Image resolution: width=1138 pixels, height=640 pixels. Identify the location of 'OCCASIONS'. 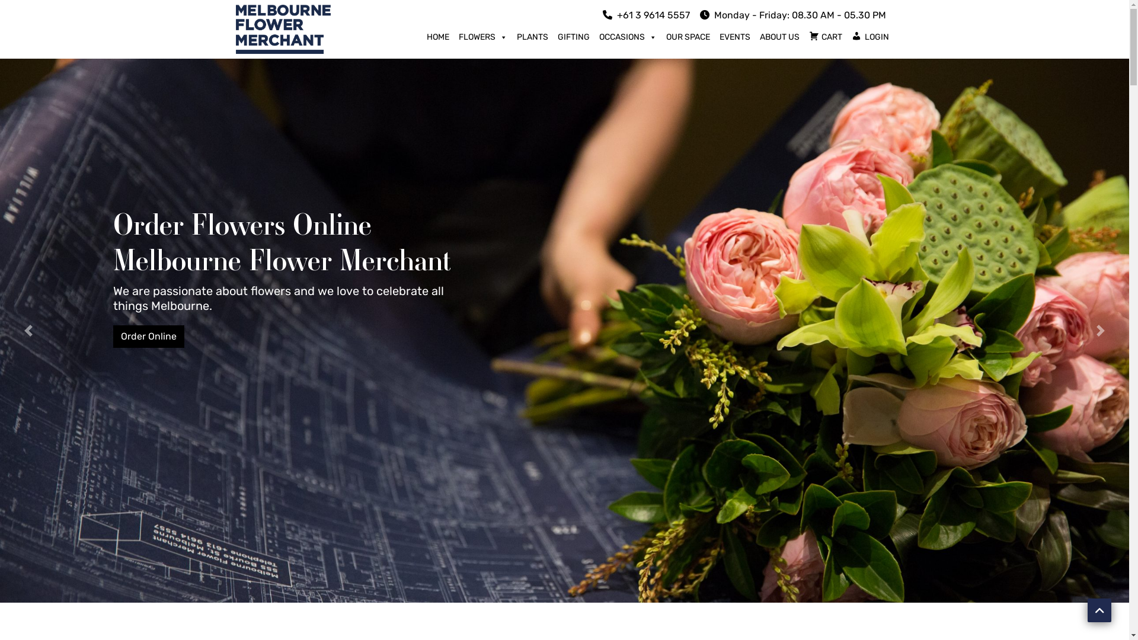
(627, 36).